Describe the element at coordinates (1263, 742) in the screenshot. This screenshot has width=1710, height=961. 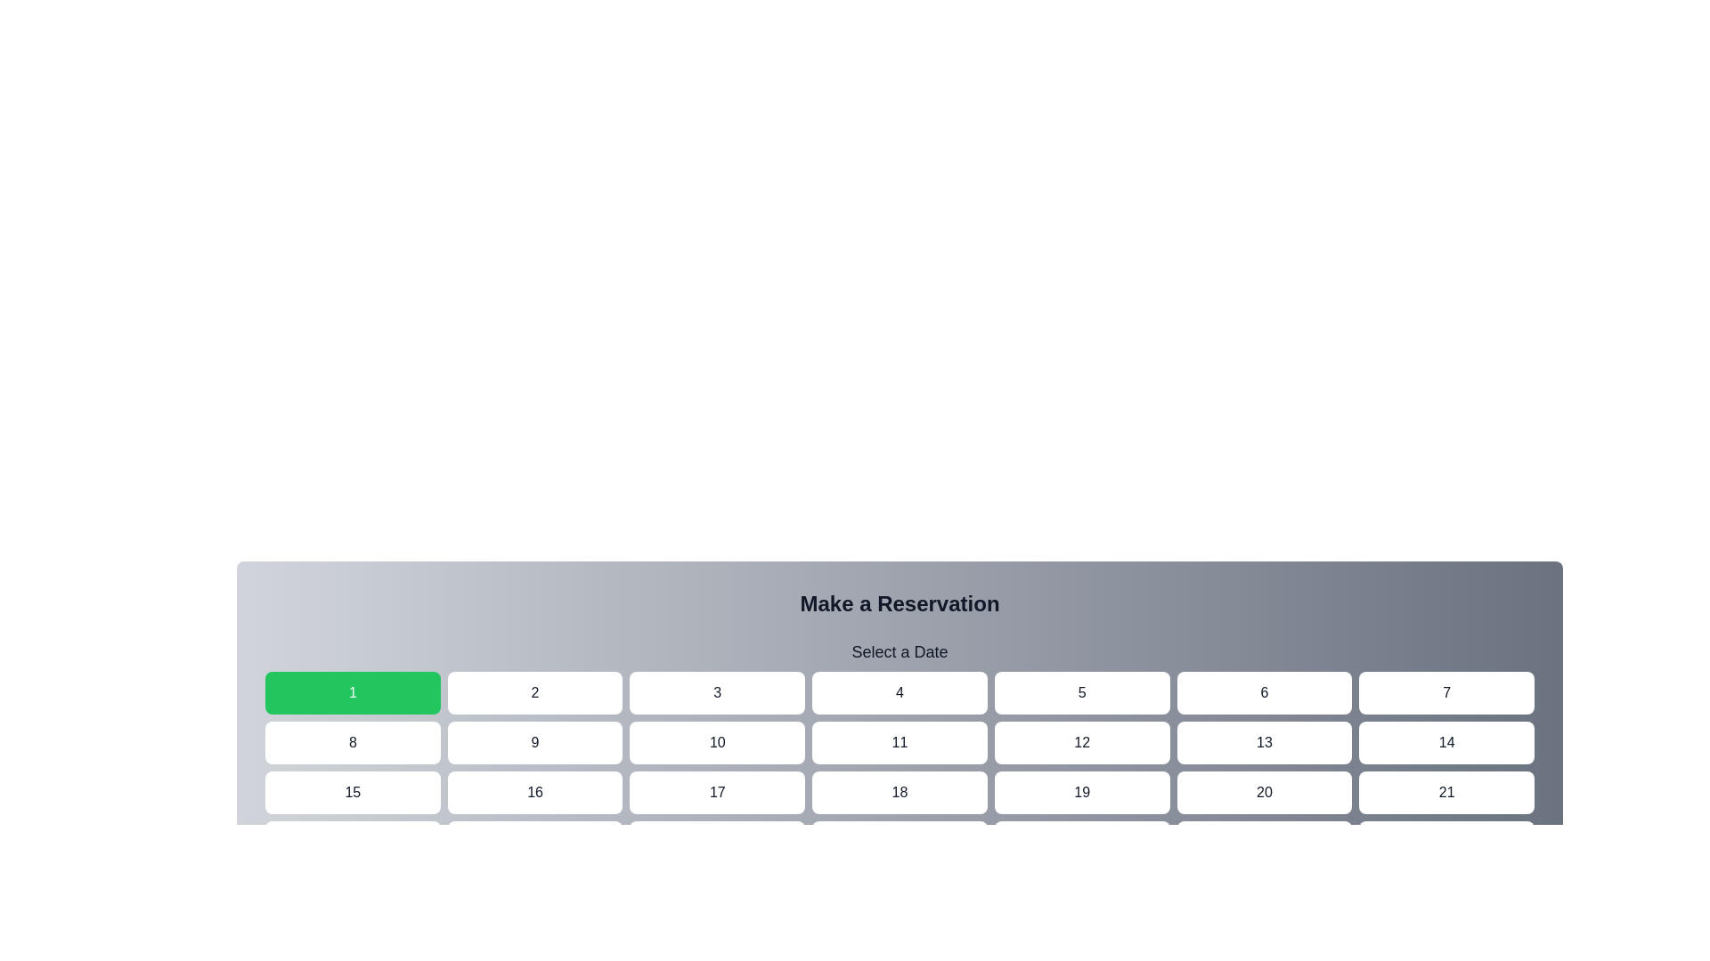
I see `the rectangular button with rounded corners and the number '13' centered in black text` at that location.